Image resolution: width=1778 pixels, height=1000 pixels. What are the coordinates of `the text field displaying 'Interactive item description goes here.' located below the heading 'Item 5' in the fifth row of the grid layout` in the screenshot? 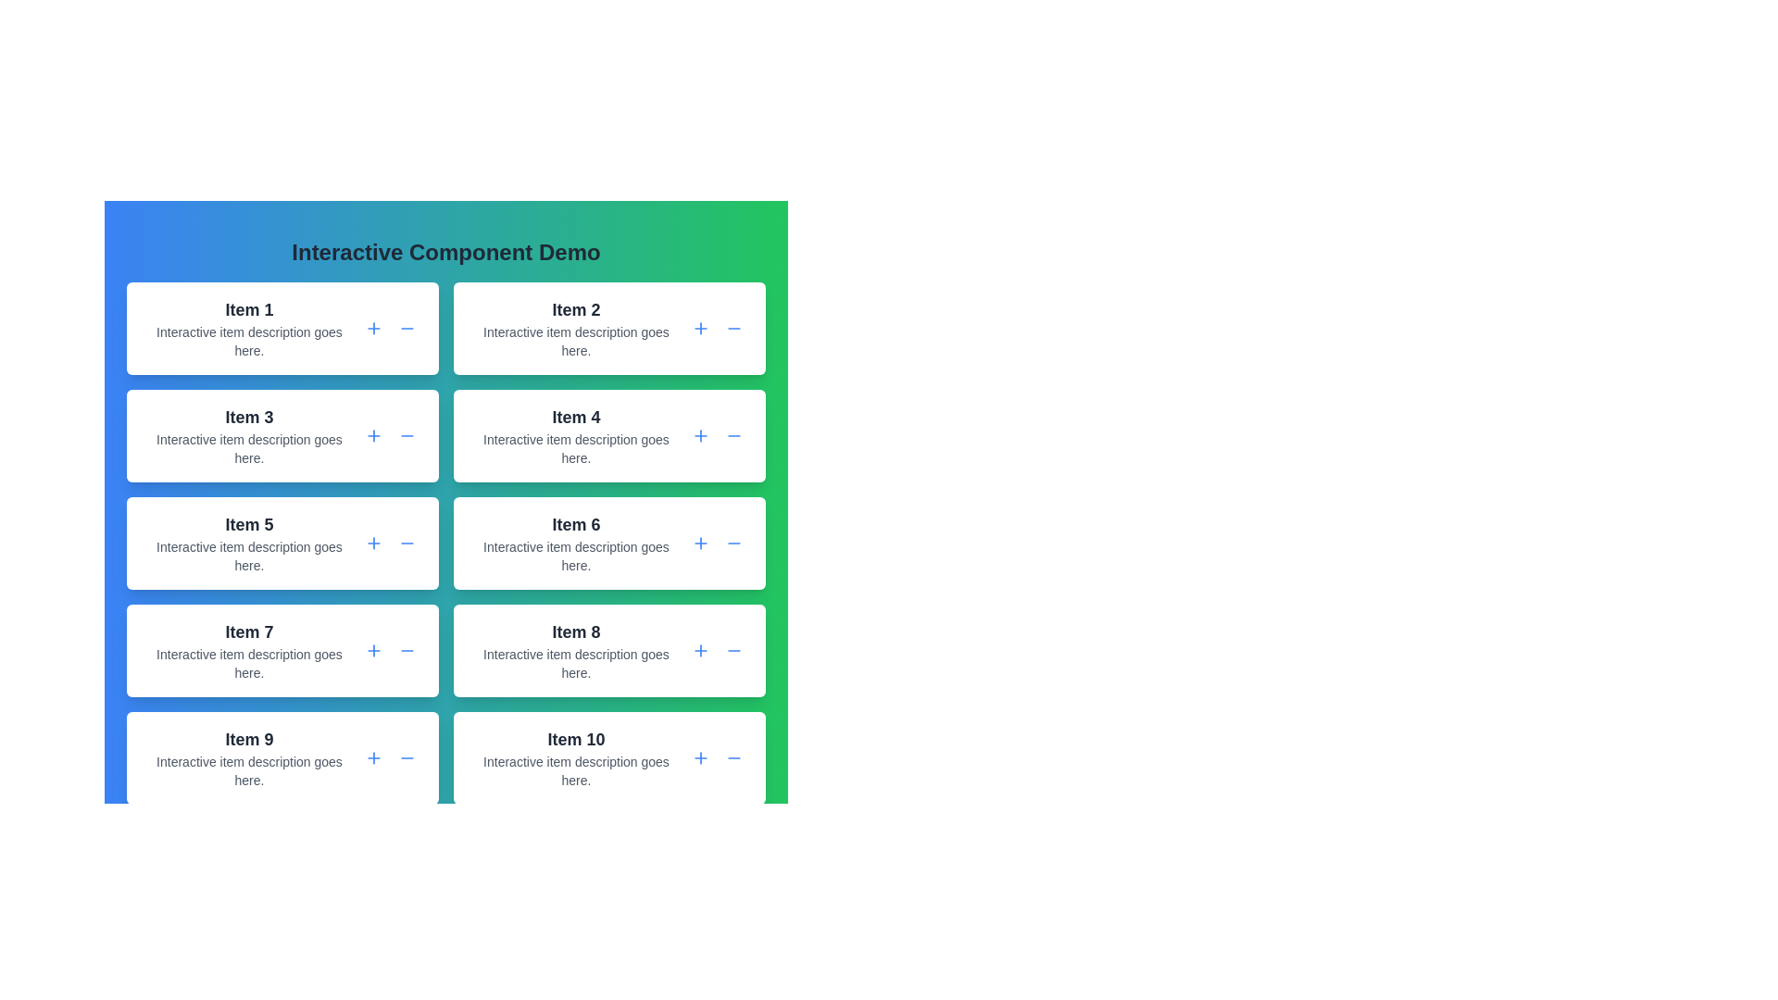 It's located at (248, 556).